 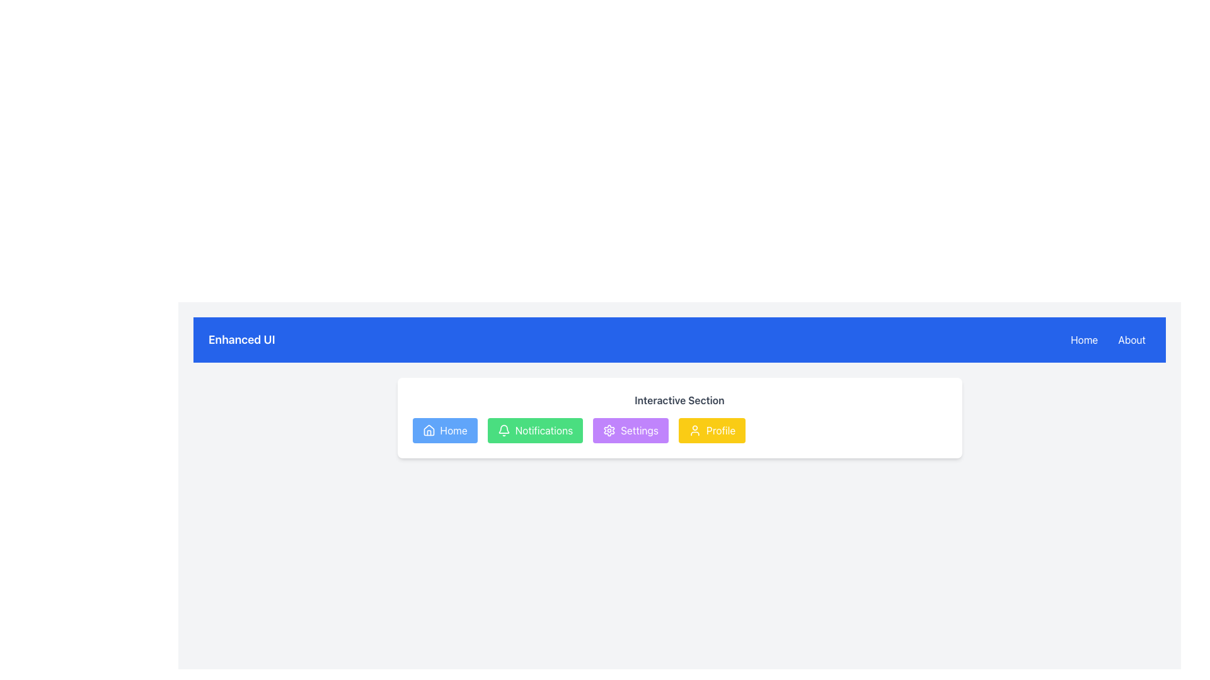 What do you see at coordinates (429, 429) in the screenshot?
I see `the 'Home' button icon located within the blue button in the top-left area of the interactive section` at bounding box center [429, 429].